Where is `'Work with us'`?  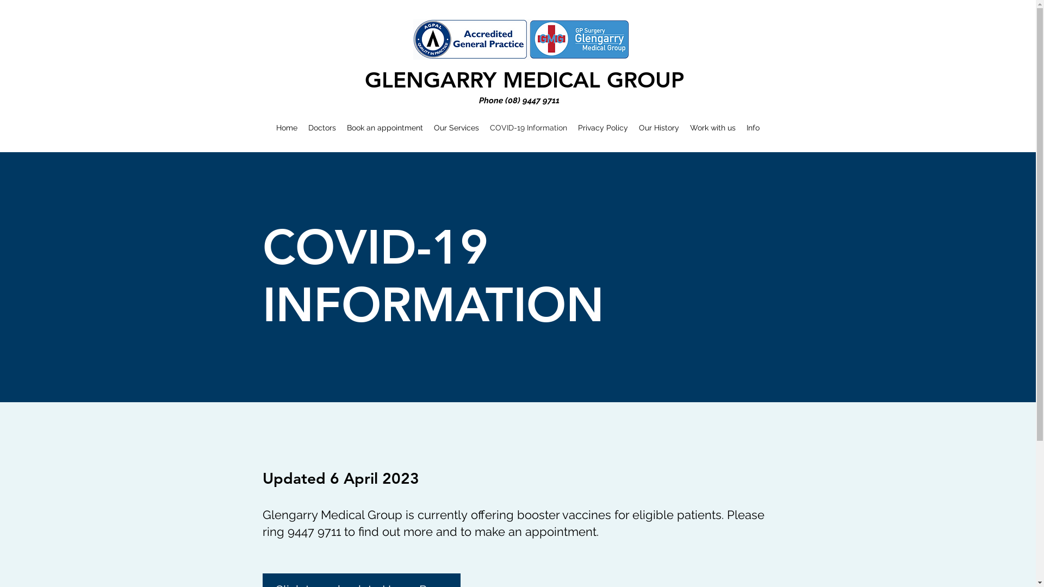 'Work with us' is located at coordinates (712, 127).